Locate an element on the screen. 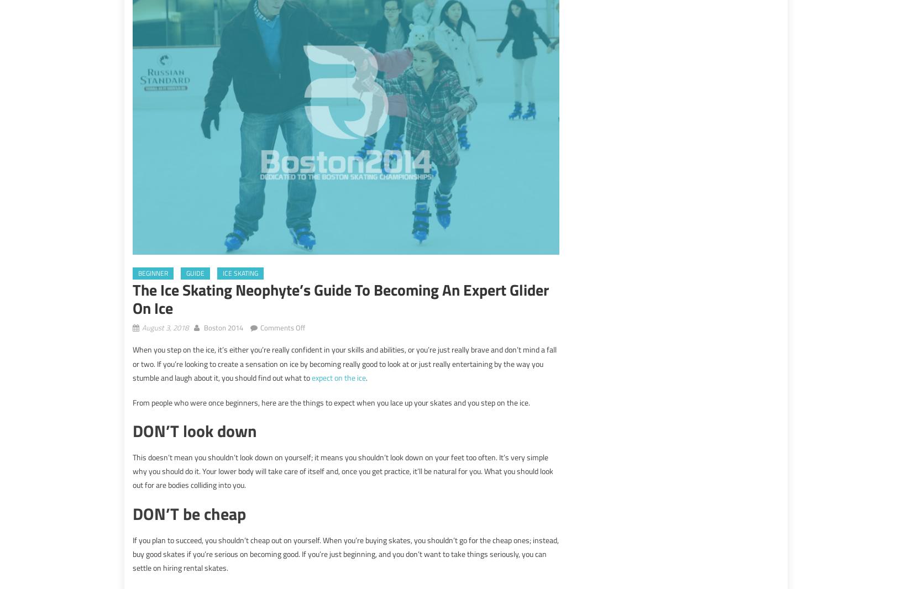 The width and height of the screenshot is (912, 589). 'guide' is located at coordinates (195, 273).